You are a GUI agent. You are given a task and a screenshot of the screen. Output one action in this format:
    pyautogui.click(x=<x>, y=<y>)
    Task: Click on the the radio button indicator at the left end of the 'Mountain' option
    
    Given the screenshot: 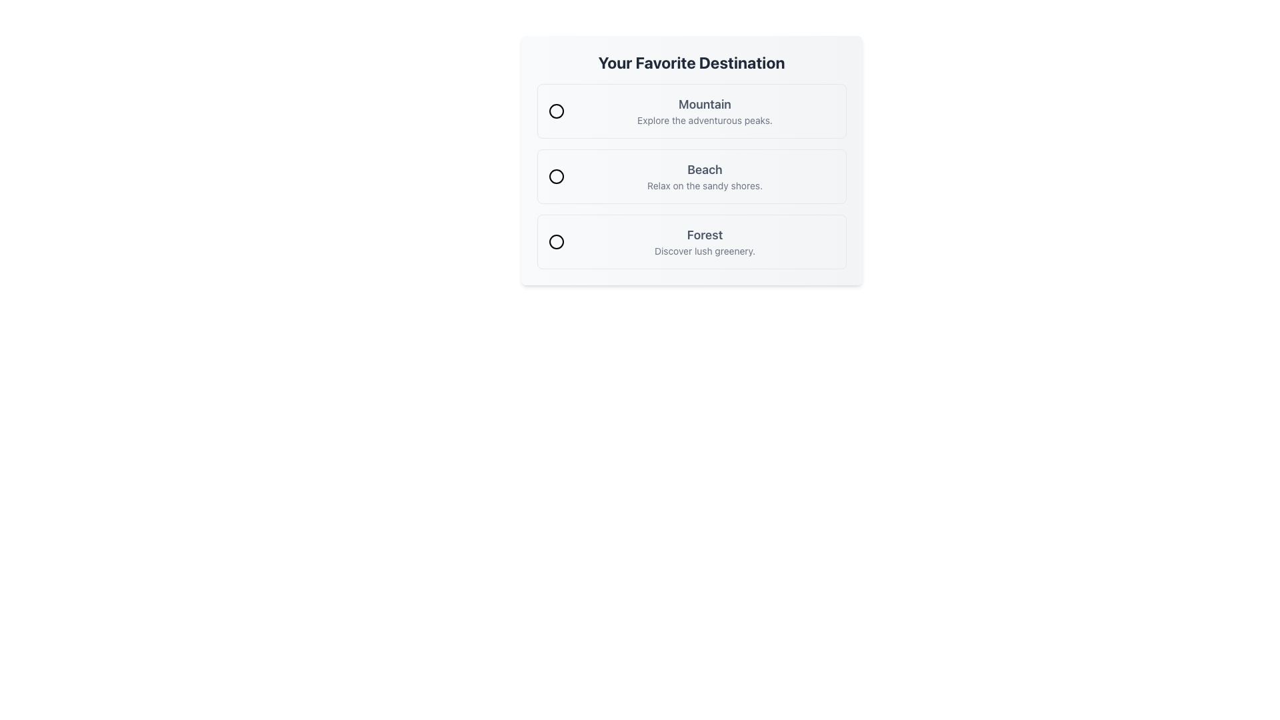 What is the action you would take?
    pyautogui.click(x=556, y=110)
    